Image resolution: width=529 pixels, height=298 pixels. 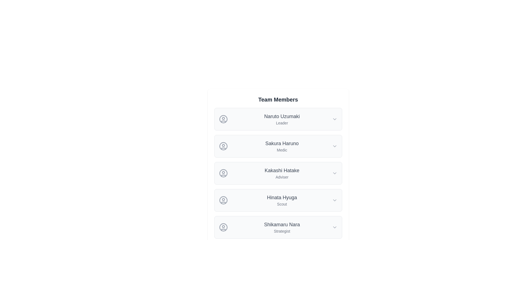 What do you see at coordinates (223, 173) in the screenshot?
I see `the circular user profile indicator in the third list item under 'Team Members', which is located to the left of the name 'Kakashi Hatake'` at bounding box center [223, 173].